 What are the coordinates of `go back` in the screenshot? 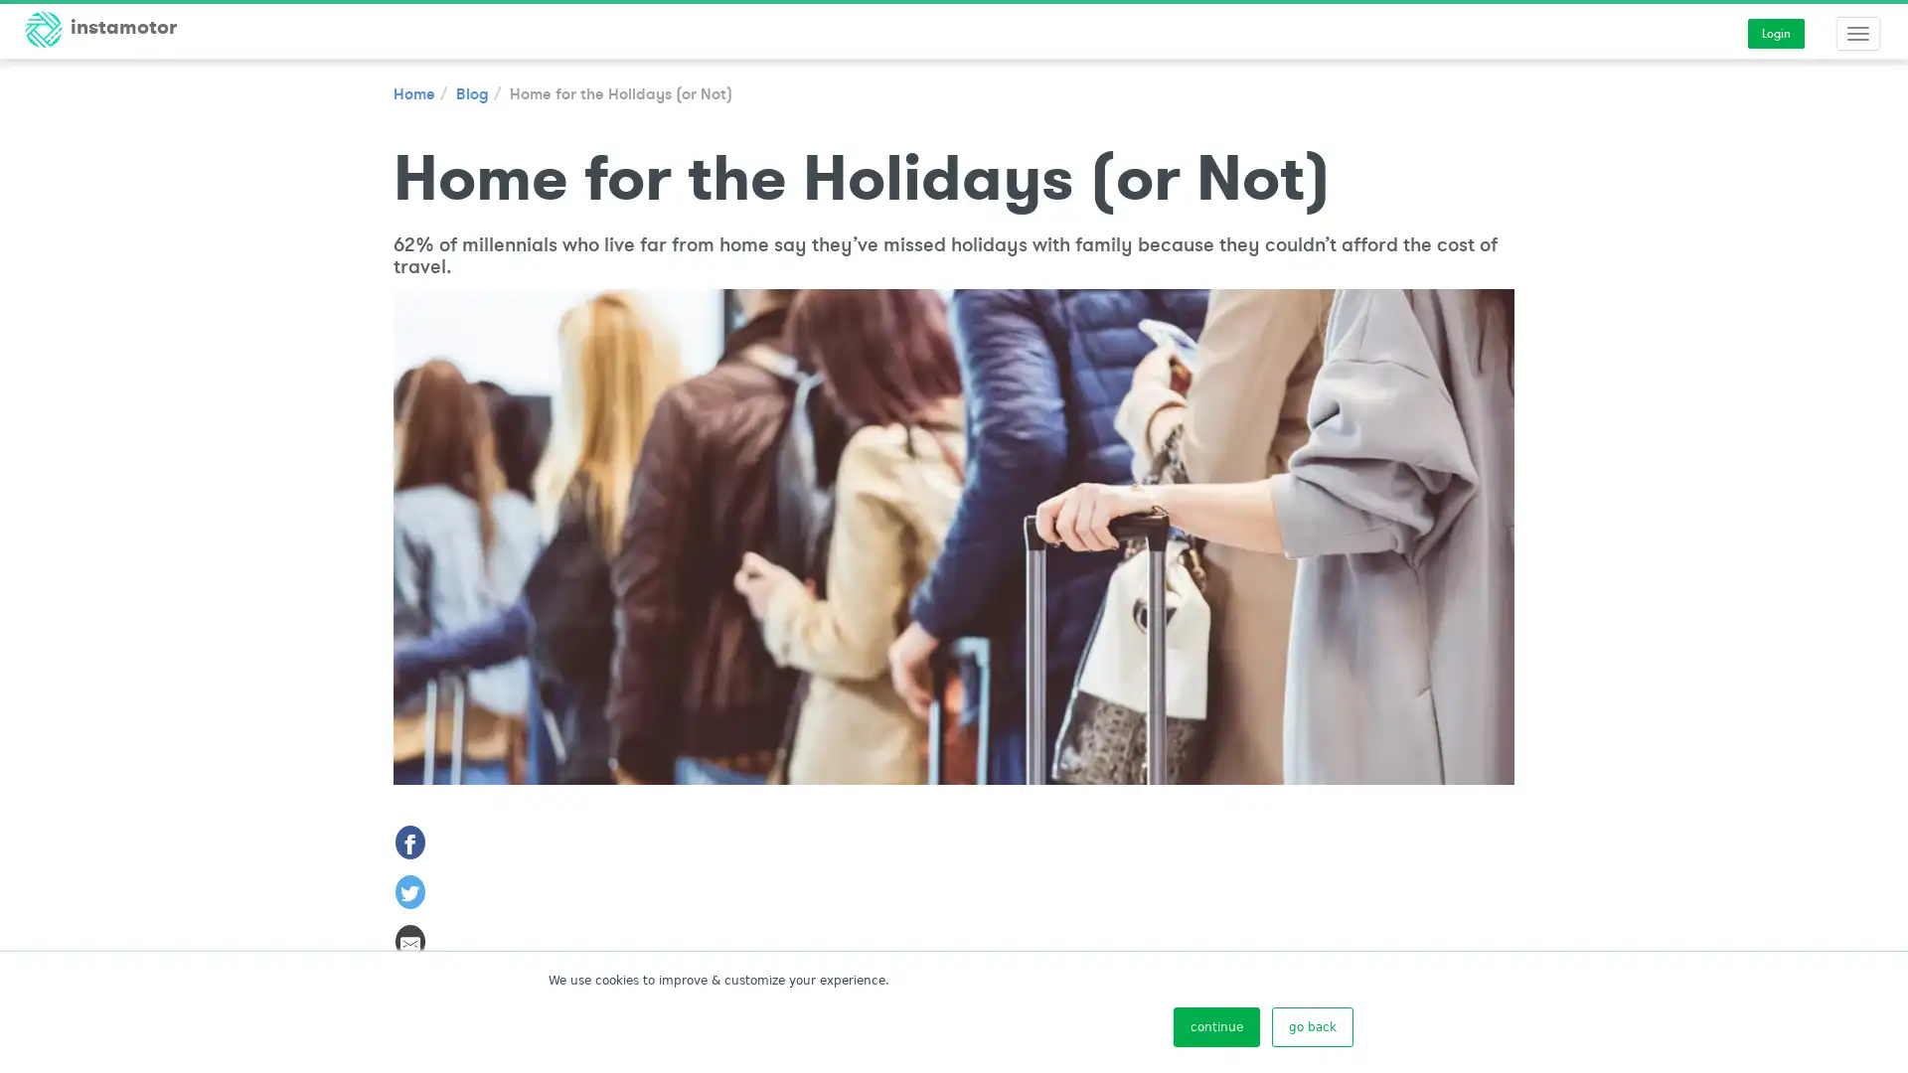 It's located at (1312, 1026).